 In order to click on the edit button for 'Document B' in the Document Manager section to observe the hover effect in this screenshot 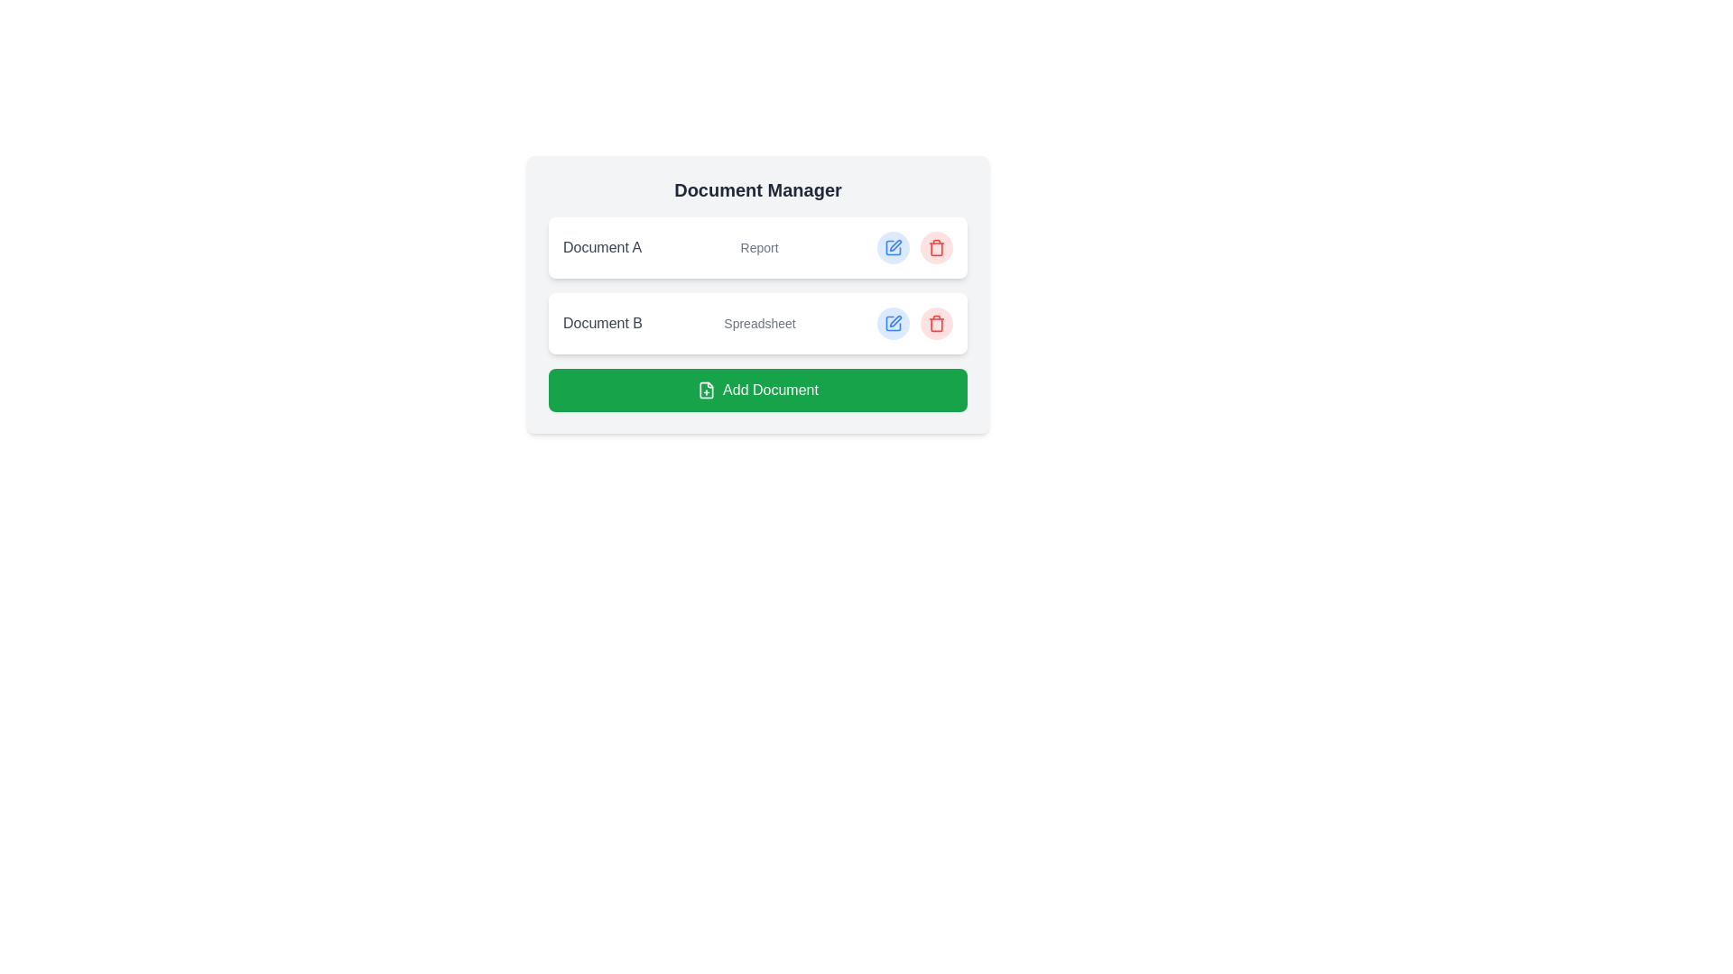, I will do `click(893, 322)`.